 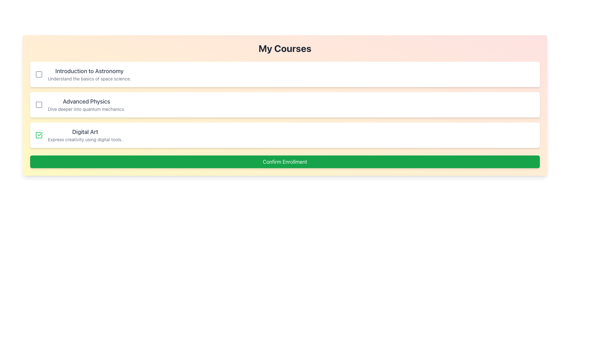 I want to click on the text element that states 'Understand the basics of space science', which is styled in a smaller gray font and located directly below the header 'Introduction to Astronomy' in the 'My Courses' layout, so click(x=89, y=79).